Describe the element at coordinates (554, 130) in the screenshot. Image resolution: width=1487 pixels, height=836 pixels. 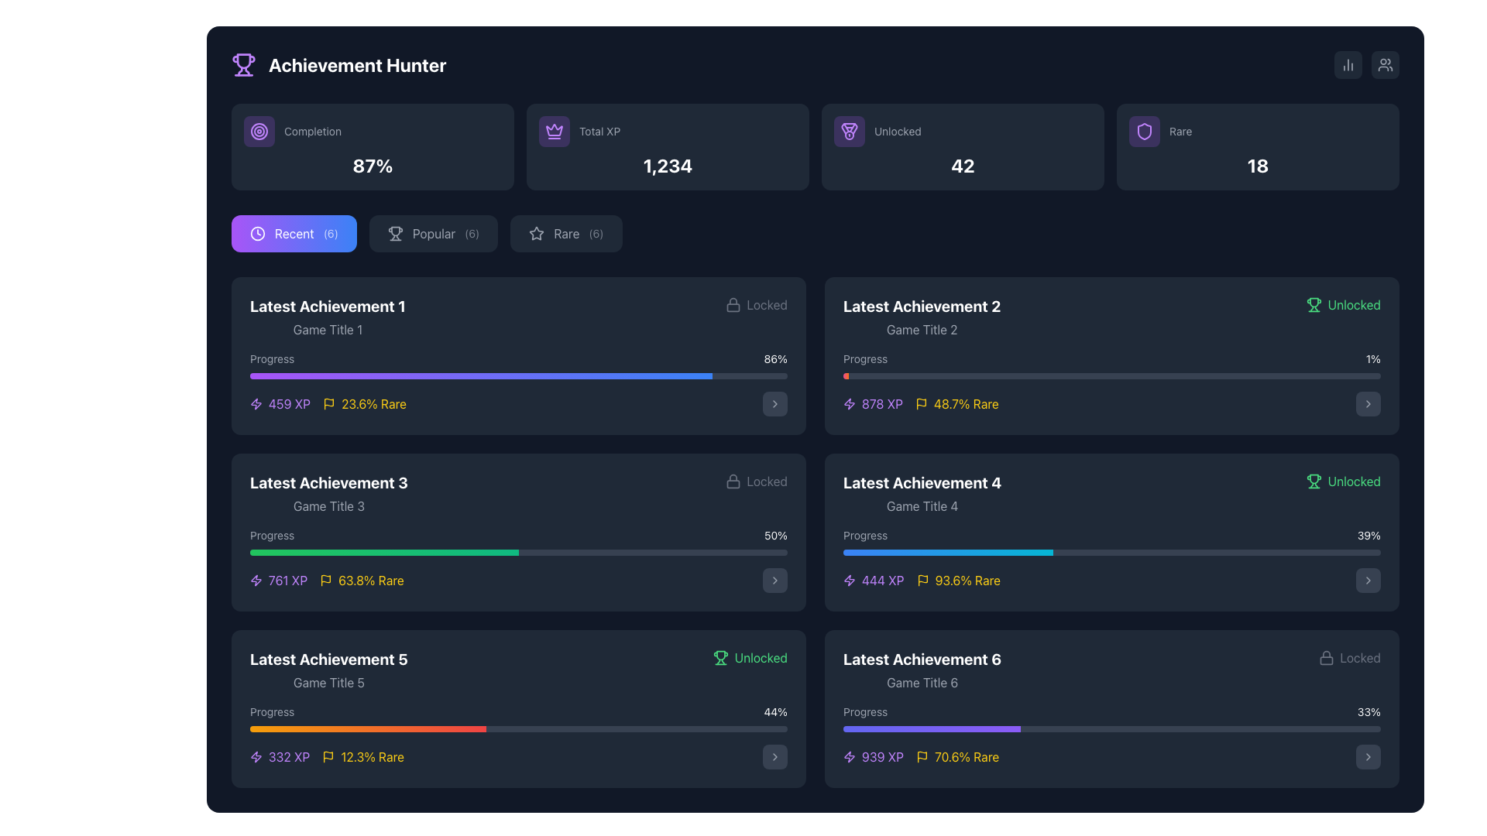
I see `the semi-transparent purple rounded rectangular Icon with a crown symbol, located in the top-center section of the interface within the 'Total XP' card` at that location.